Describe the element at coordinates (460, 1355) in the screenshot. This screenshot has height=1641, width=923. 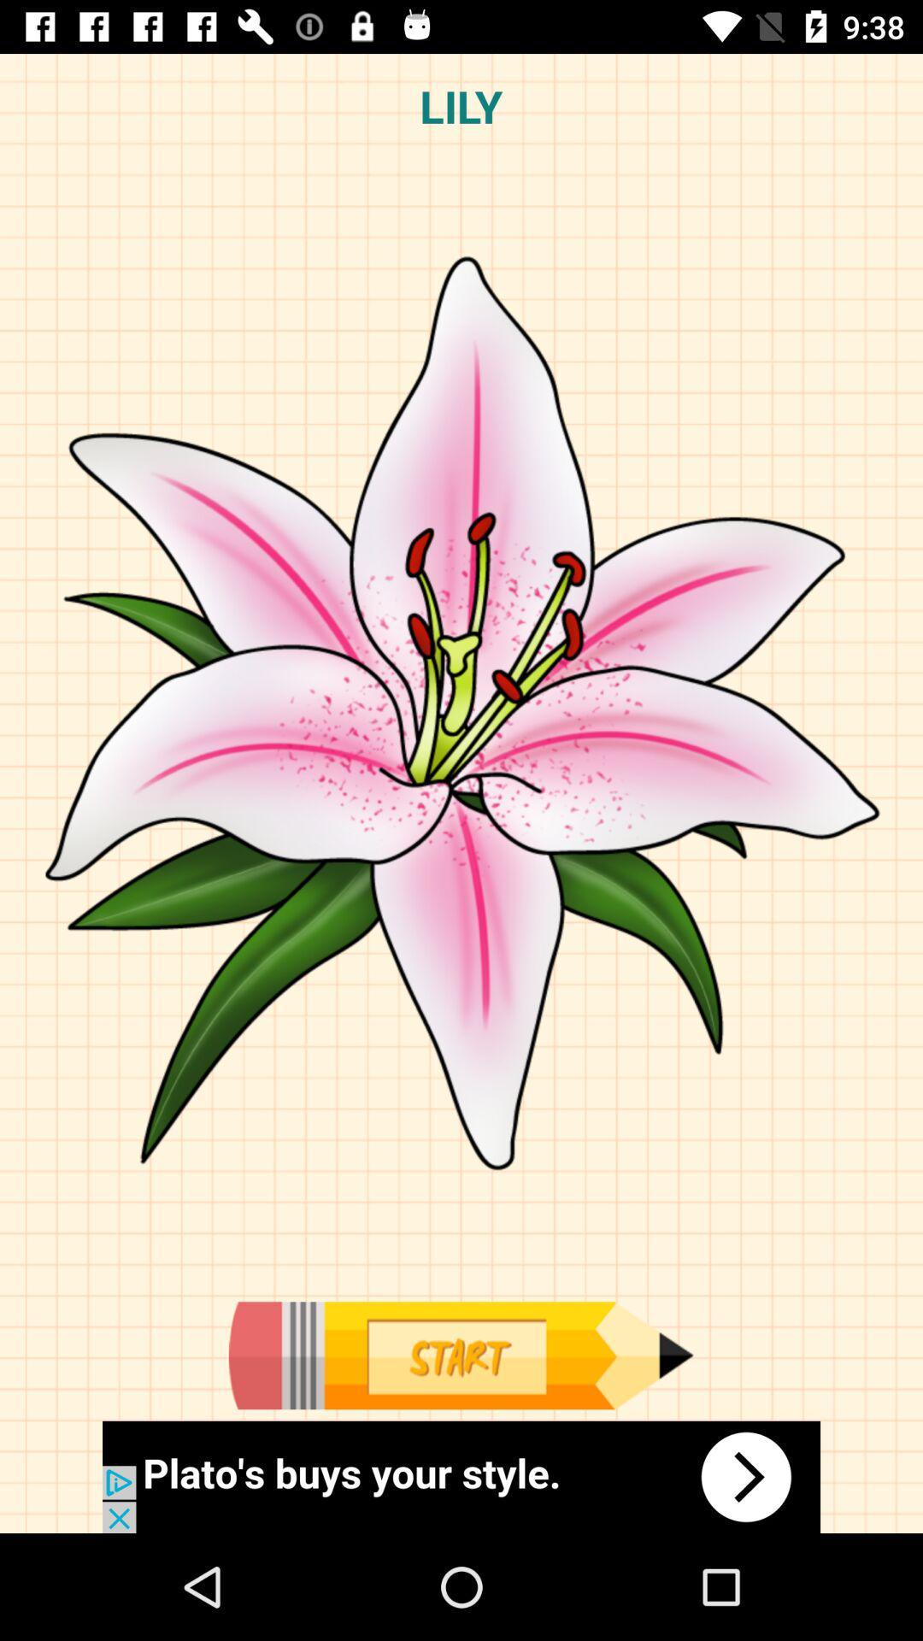
I see `start drawing` at that location.